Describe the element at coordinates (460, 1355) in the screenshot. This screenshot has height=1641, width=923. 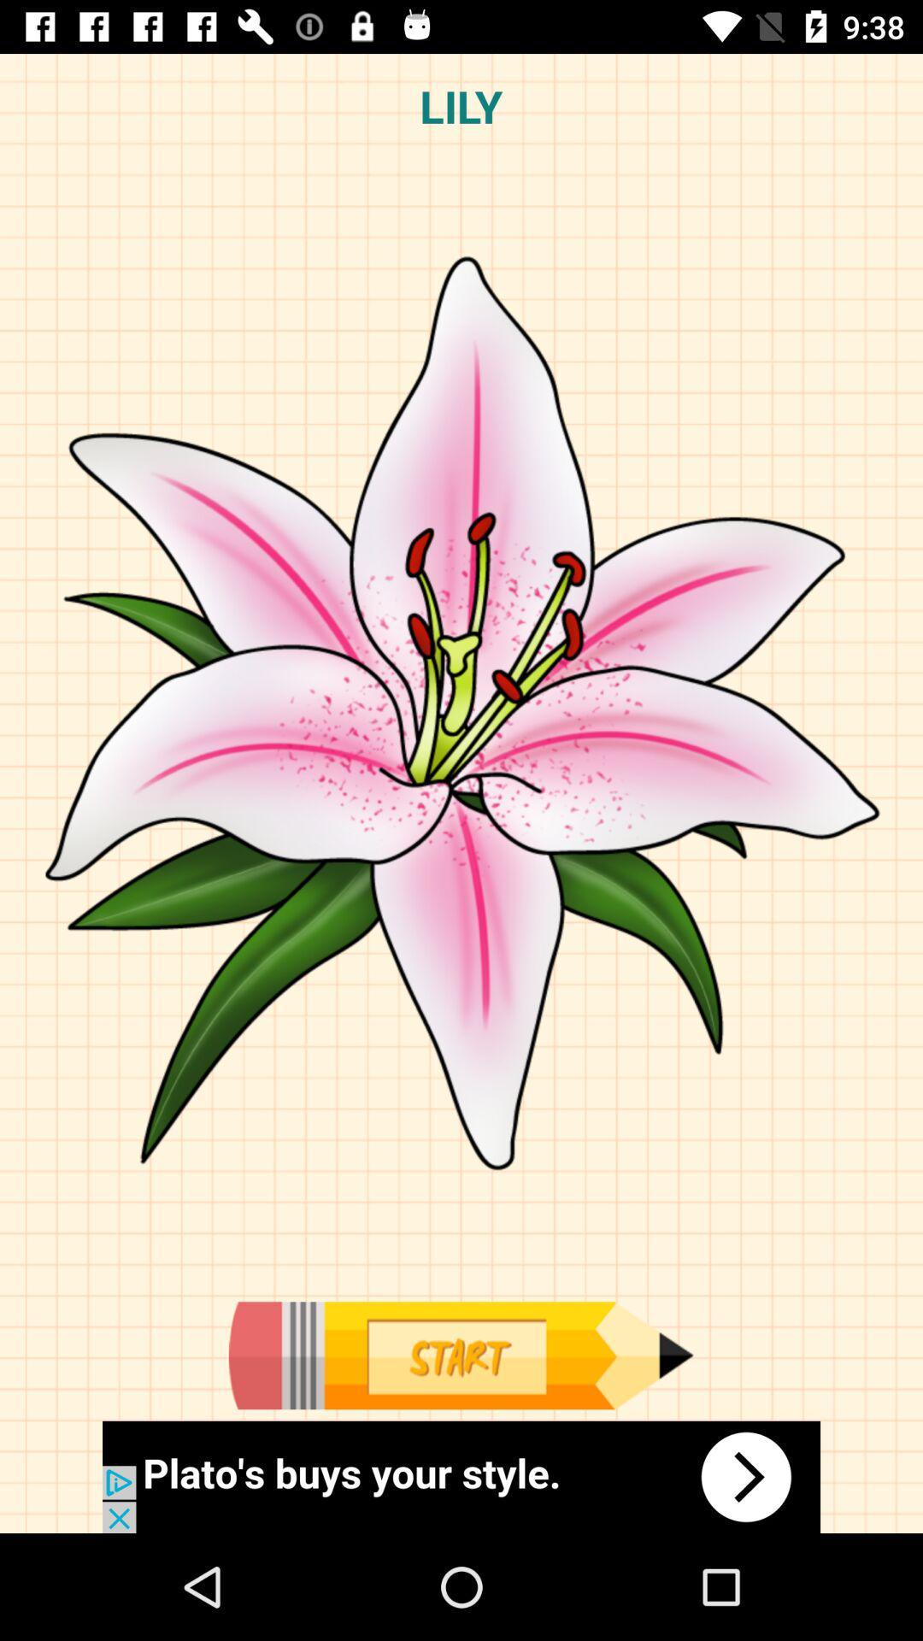
I see `start drawing` at that location.